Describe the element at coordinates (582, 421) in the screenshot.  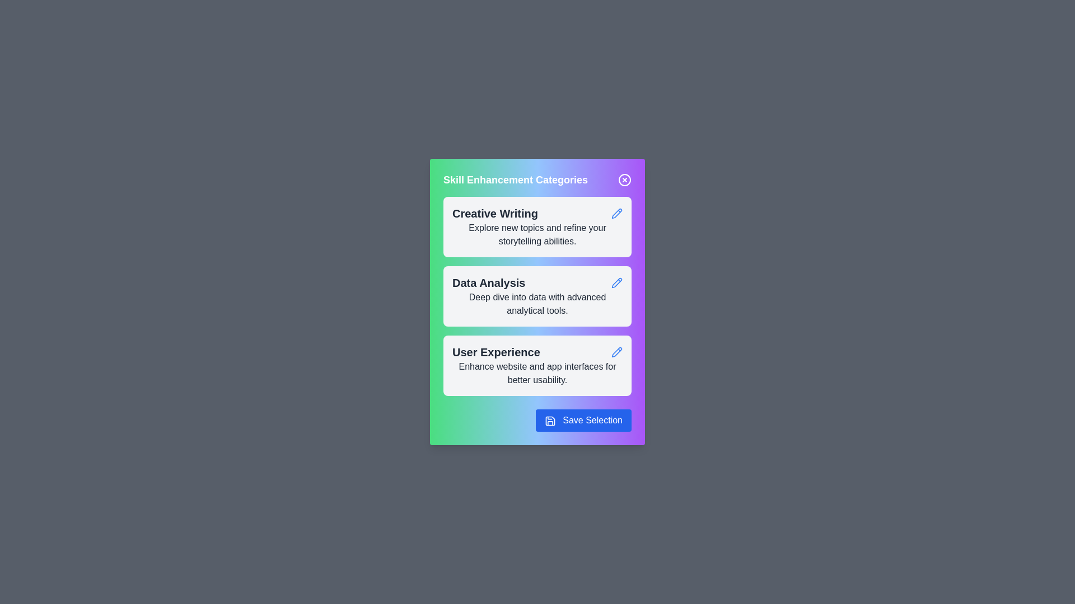
I see `'Save Selection' button to confirm the selection` at that location.